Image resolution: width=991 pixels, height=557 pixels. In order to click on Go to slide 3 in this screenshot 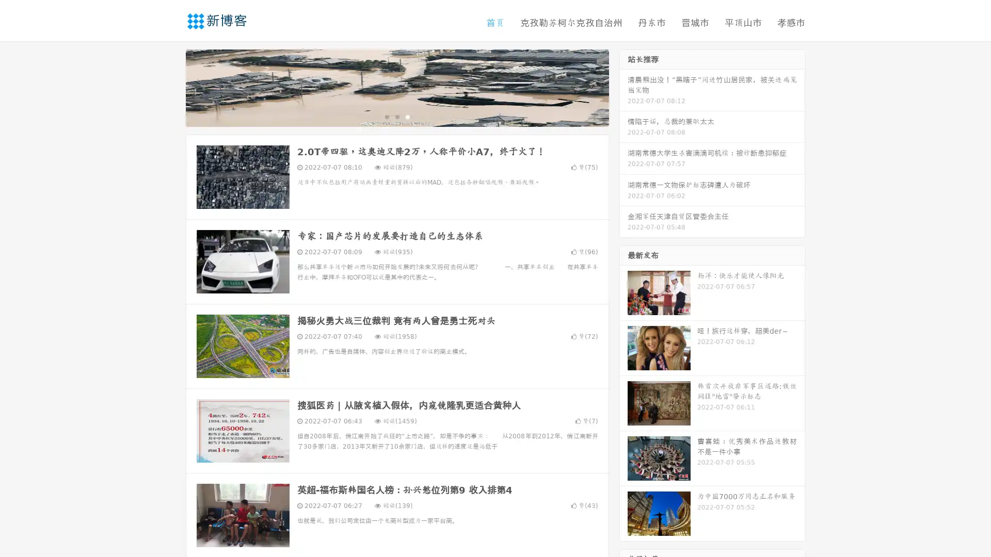, I will do `click(407, 116)`.